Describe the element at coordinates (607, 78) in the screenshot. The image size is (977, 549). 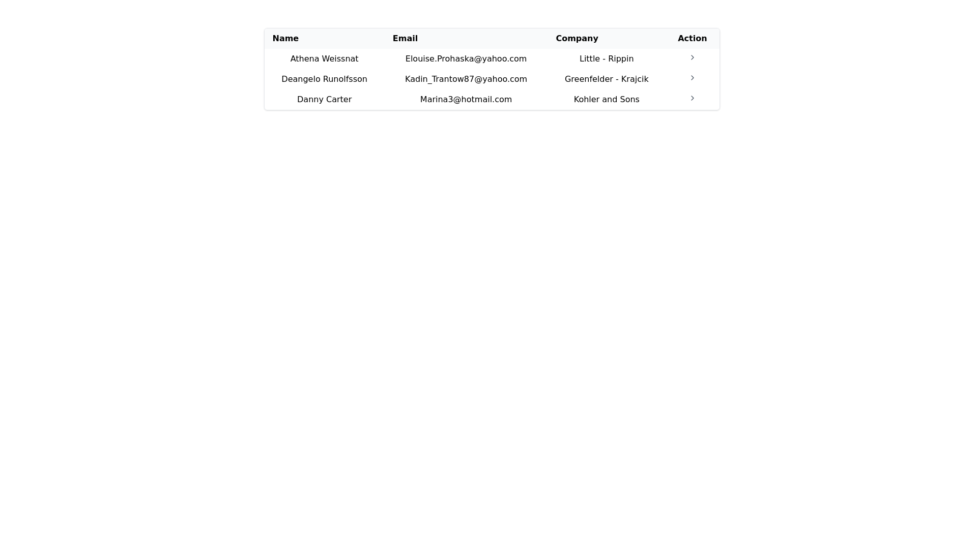
I see `the third cell in the second row of the table, which displays the company name under the 'Company' column` at that location.